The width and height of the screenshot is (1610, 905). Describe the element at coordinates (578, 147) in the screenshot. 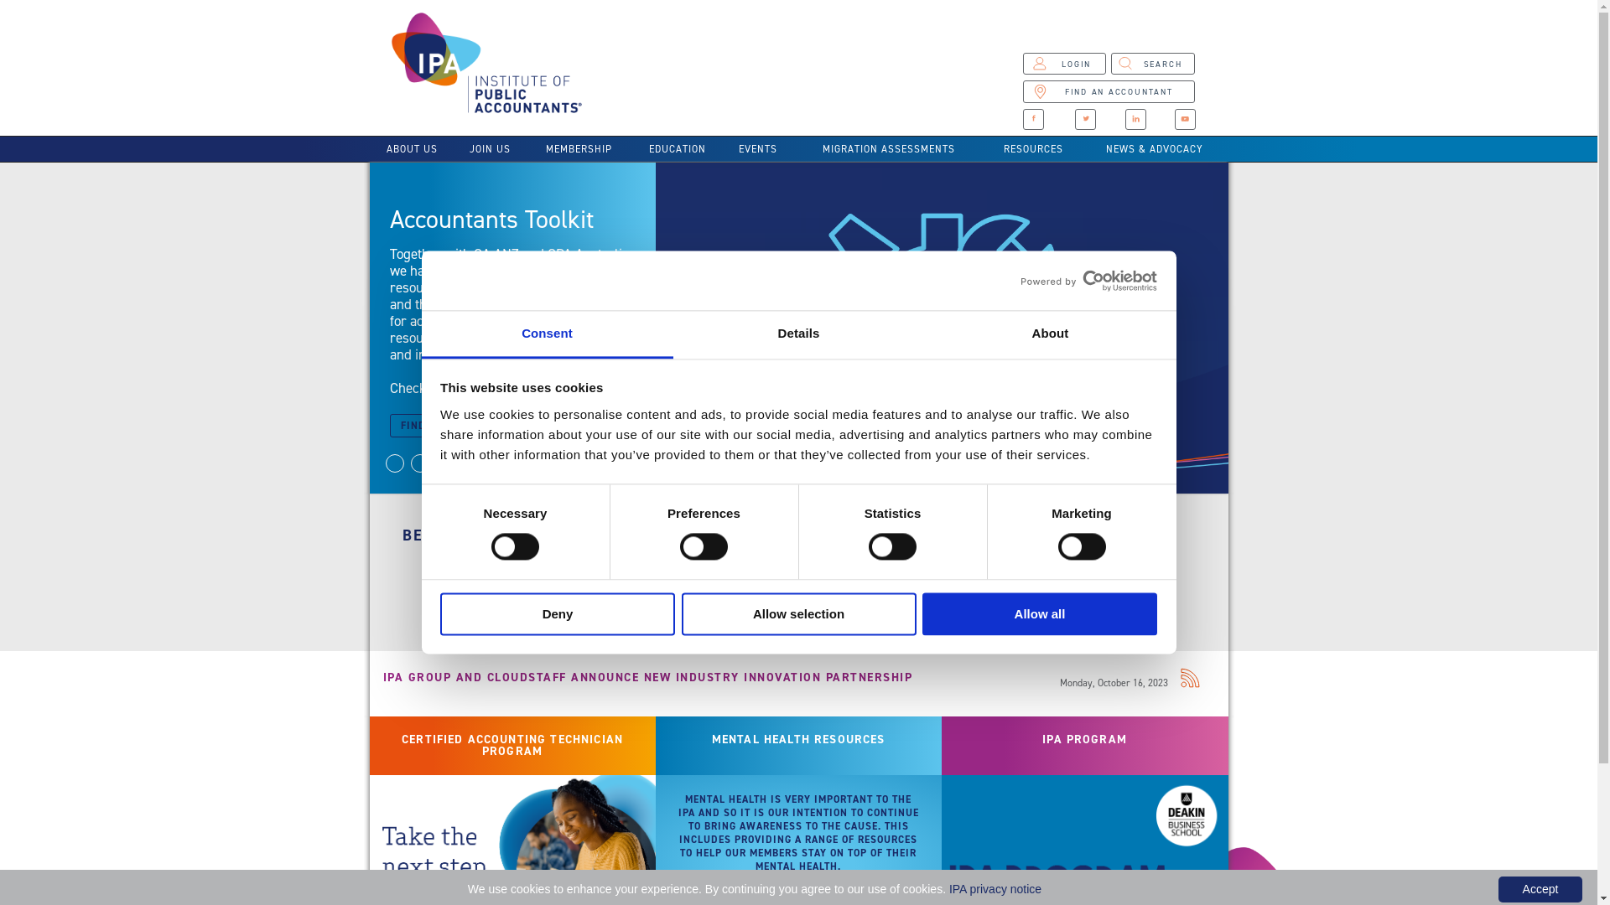

I see `'MEMBERSHIP'` at that location.